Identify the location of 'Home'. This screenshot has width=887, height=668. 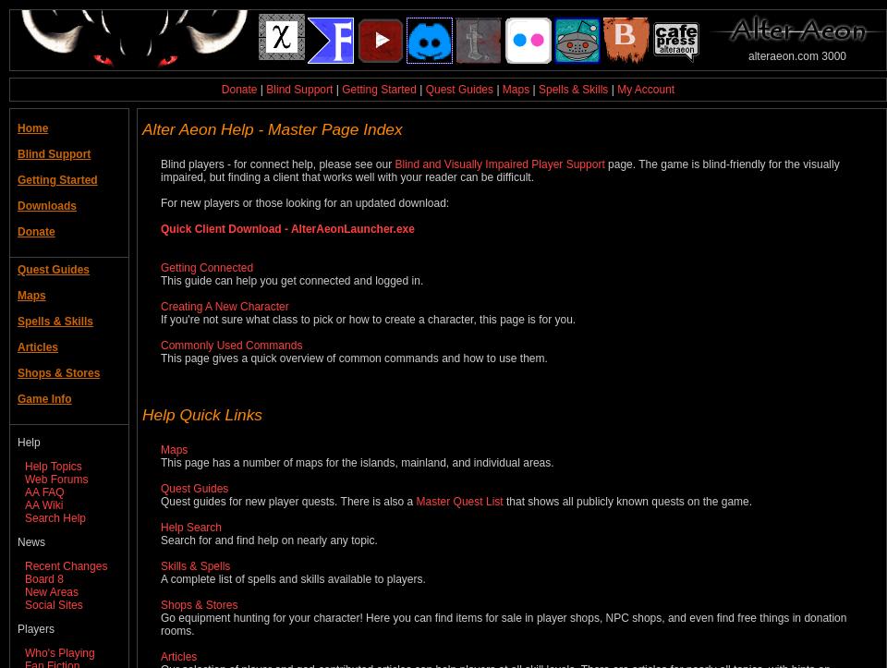
(31, 128).